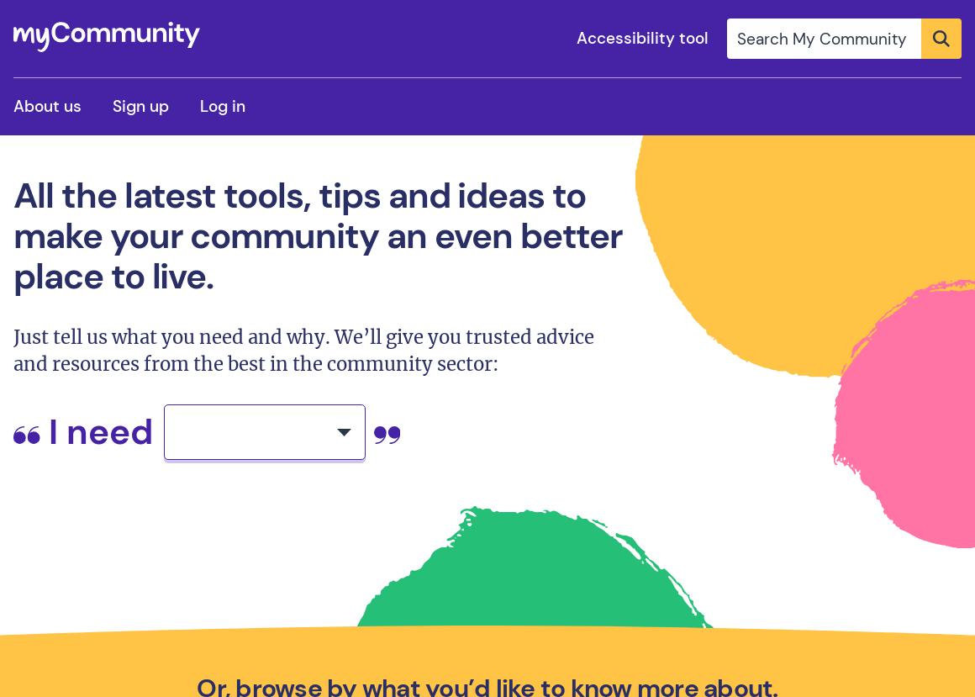 Image resolution: width=975 pixels, height=697 pixels. I want to click on 'Accessibility tool', so click(576, 37).